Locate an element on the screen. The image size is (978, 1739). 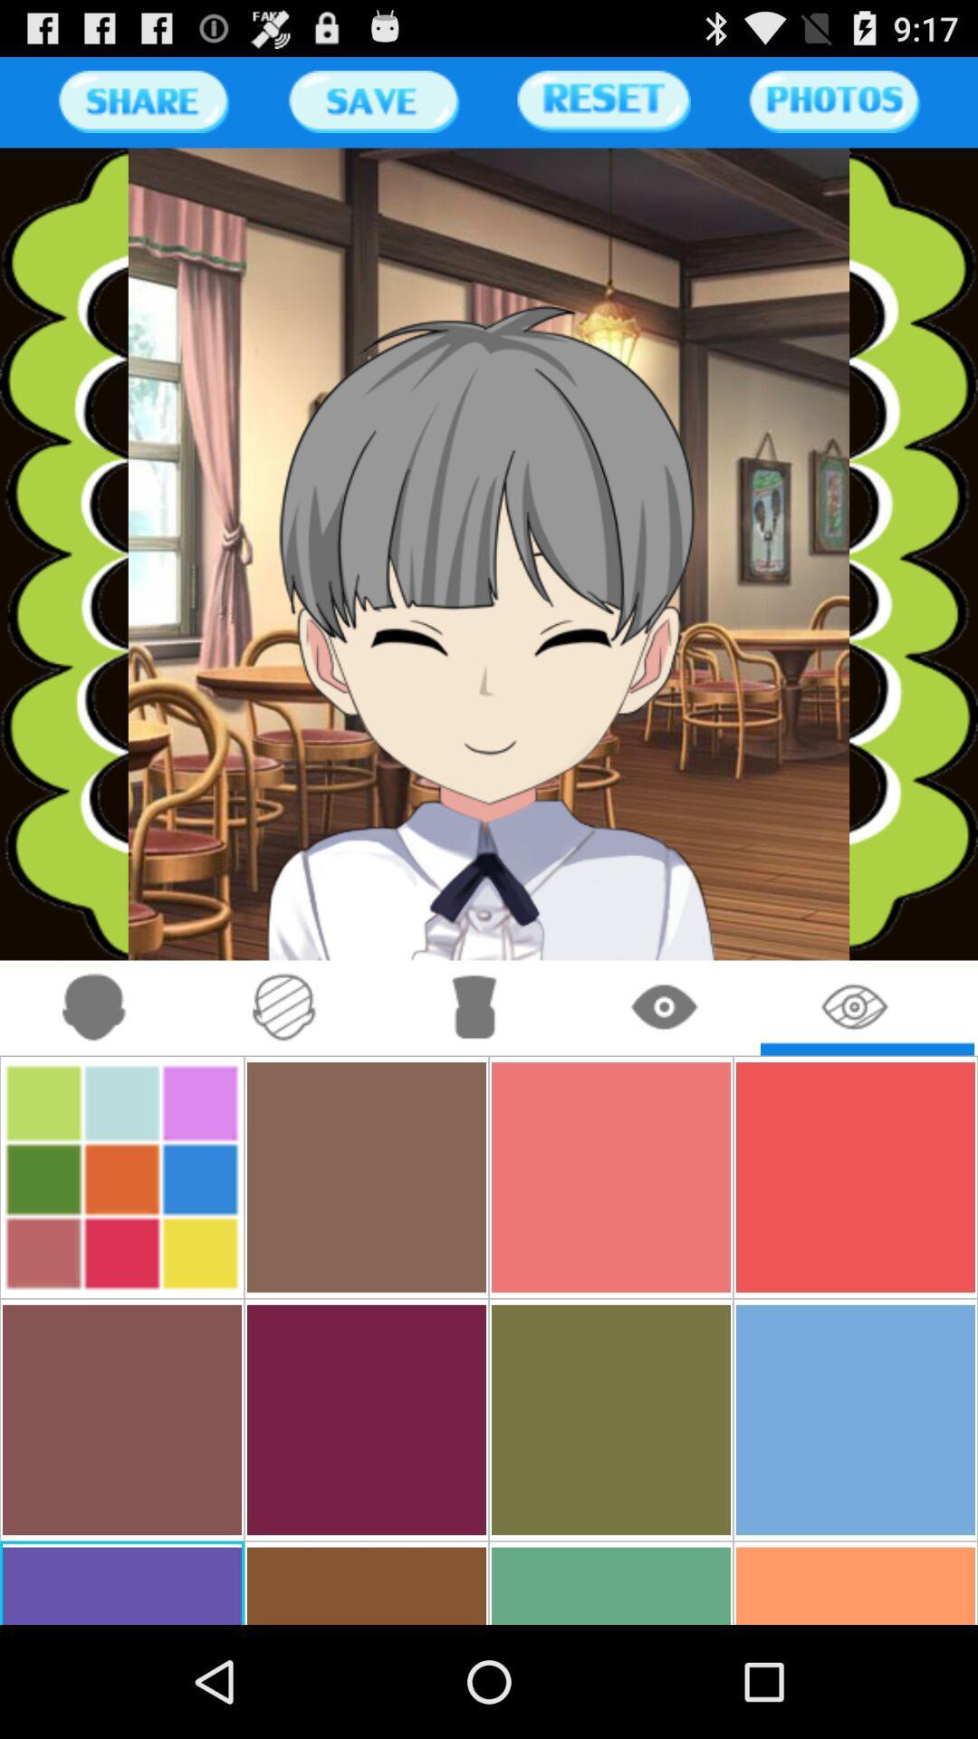
share the page is located at coordinates (142, 101).